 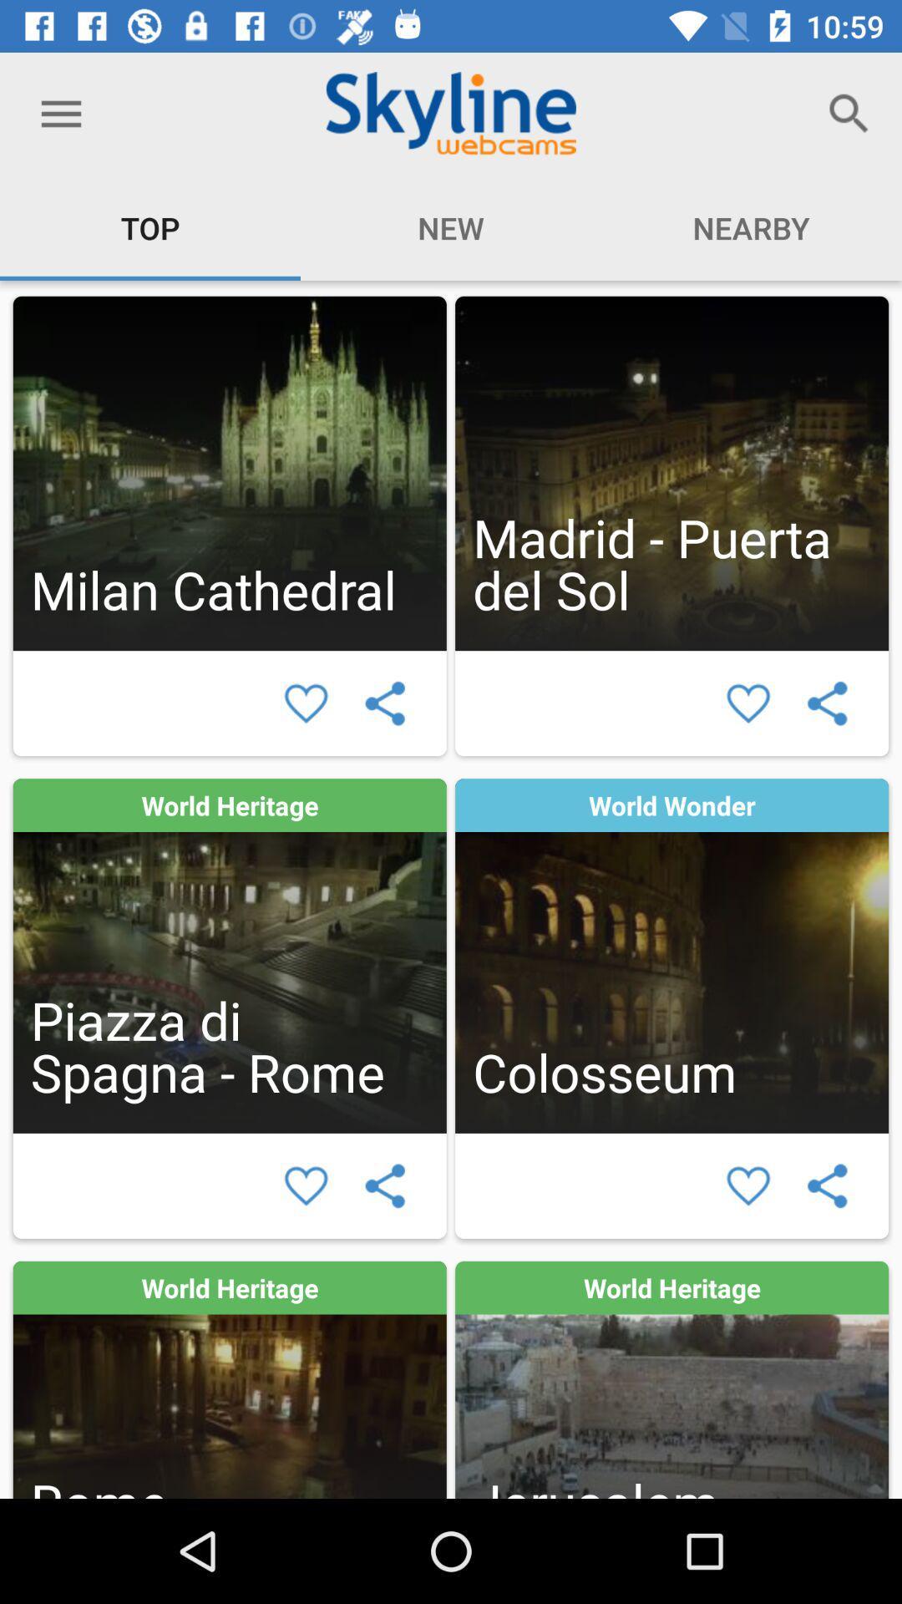 What do you see at coordinates (306, 1185) in the screenshot?
I see `to favorites` at bounding box center [306, 1185].